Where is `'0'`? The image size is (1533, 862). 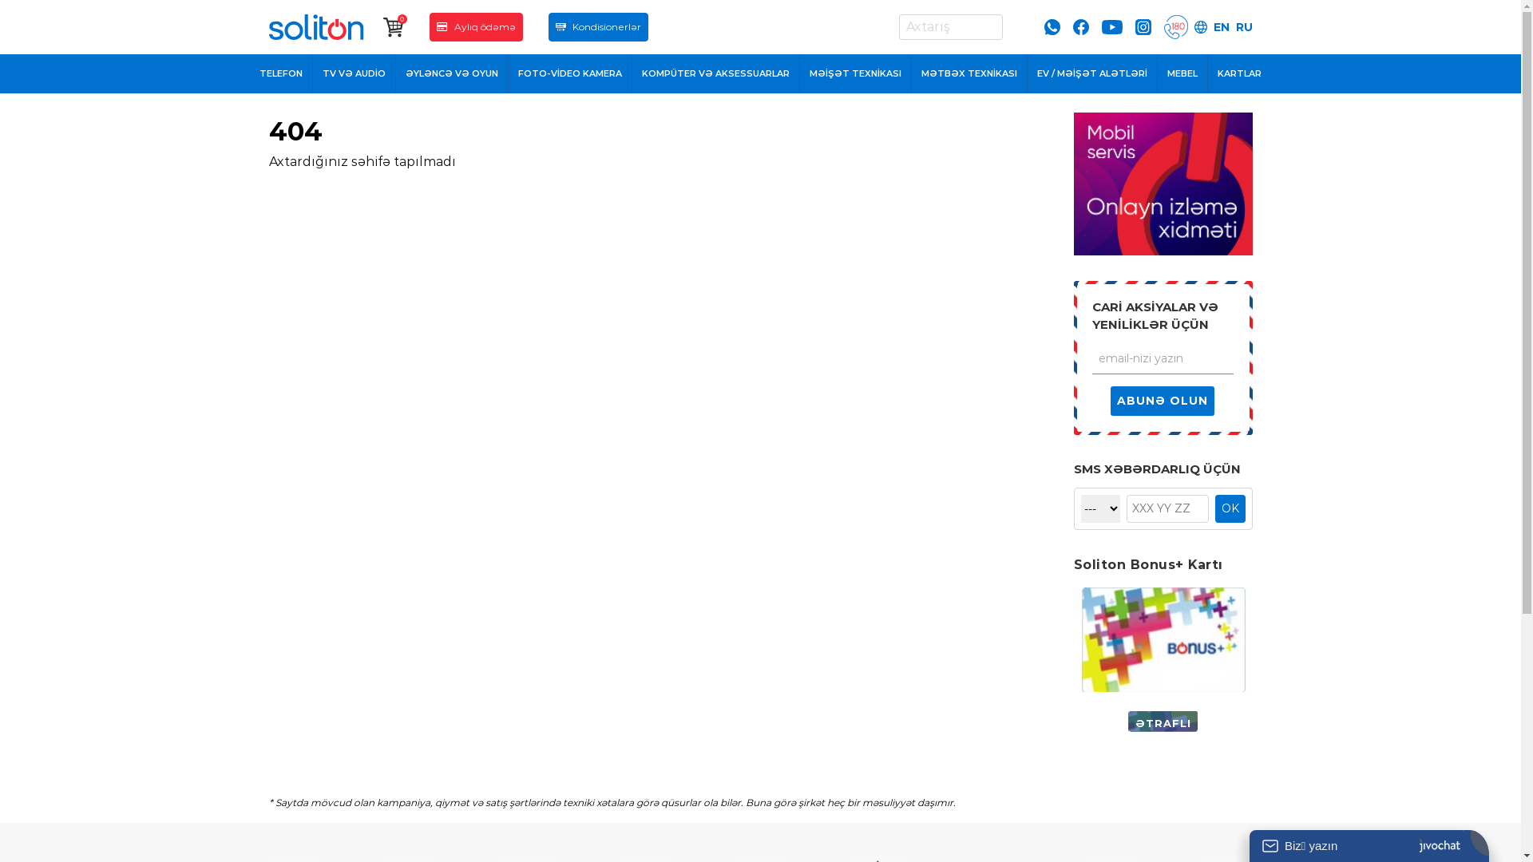
'0' is located at coordinates (394, 27).